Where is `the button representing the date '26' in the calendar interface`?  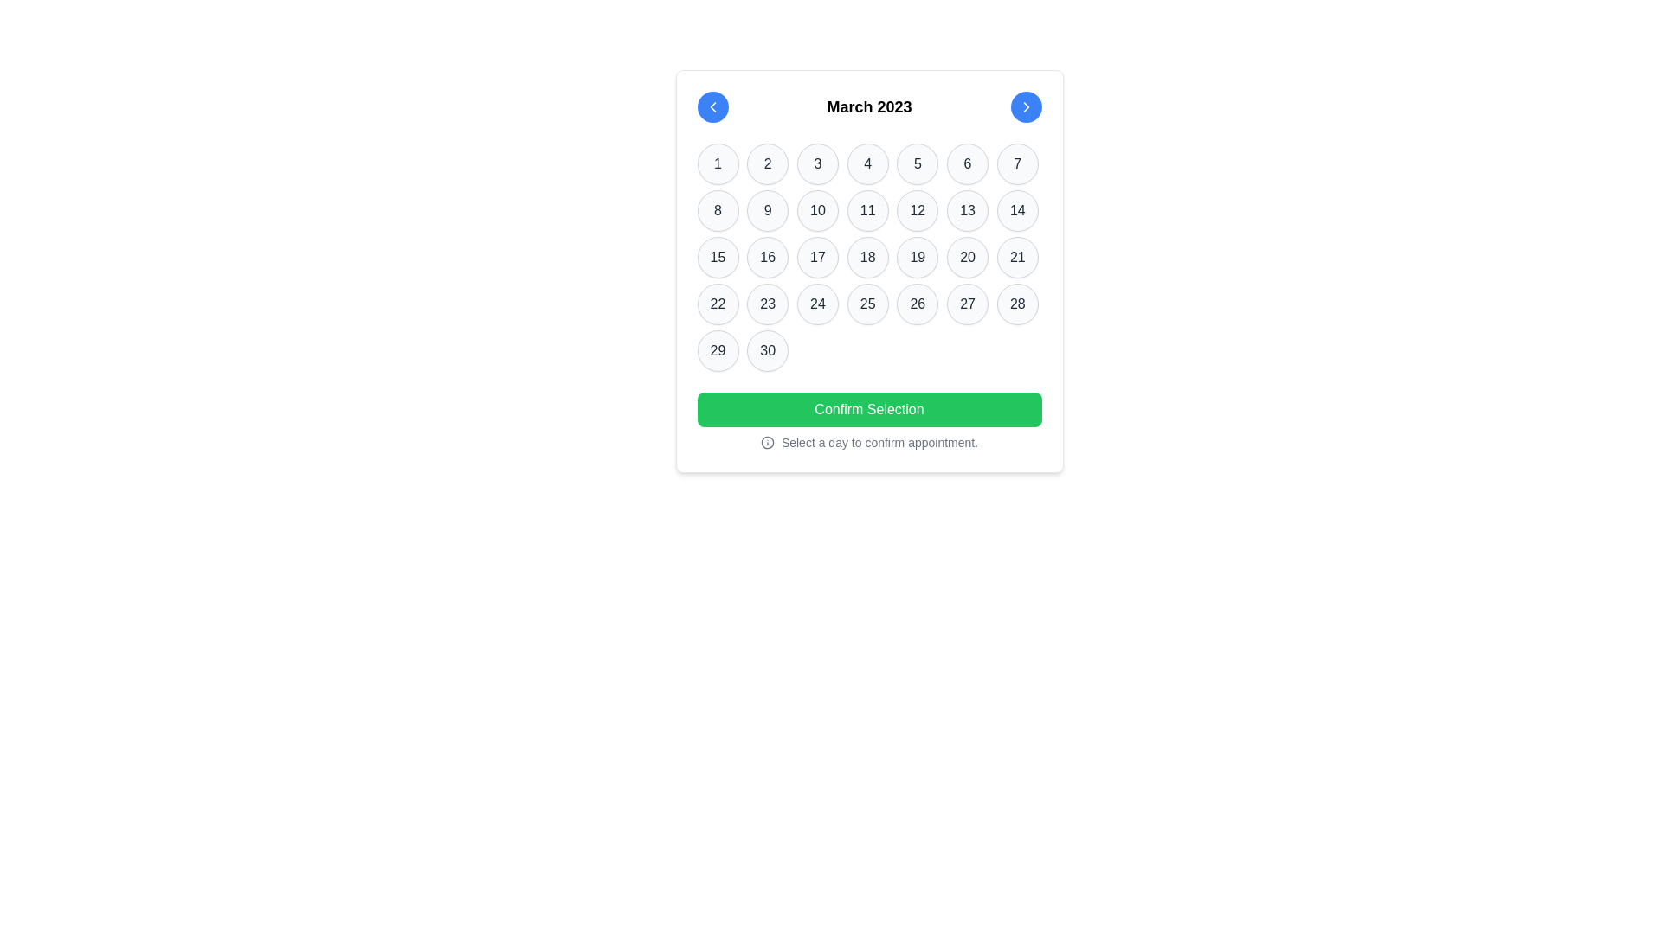 the button representing the date '26' in the calendar interface is located at coordinates (917, 303).